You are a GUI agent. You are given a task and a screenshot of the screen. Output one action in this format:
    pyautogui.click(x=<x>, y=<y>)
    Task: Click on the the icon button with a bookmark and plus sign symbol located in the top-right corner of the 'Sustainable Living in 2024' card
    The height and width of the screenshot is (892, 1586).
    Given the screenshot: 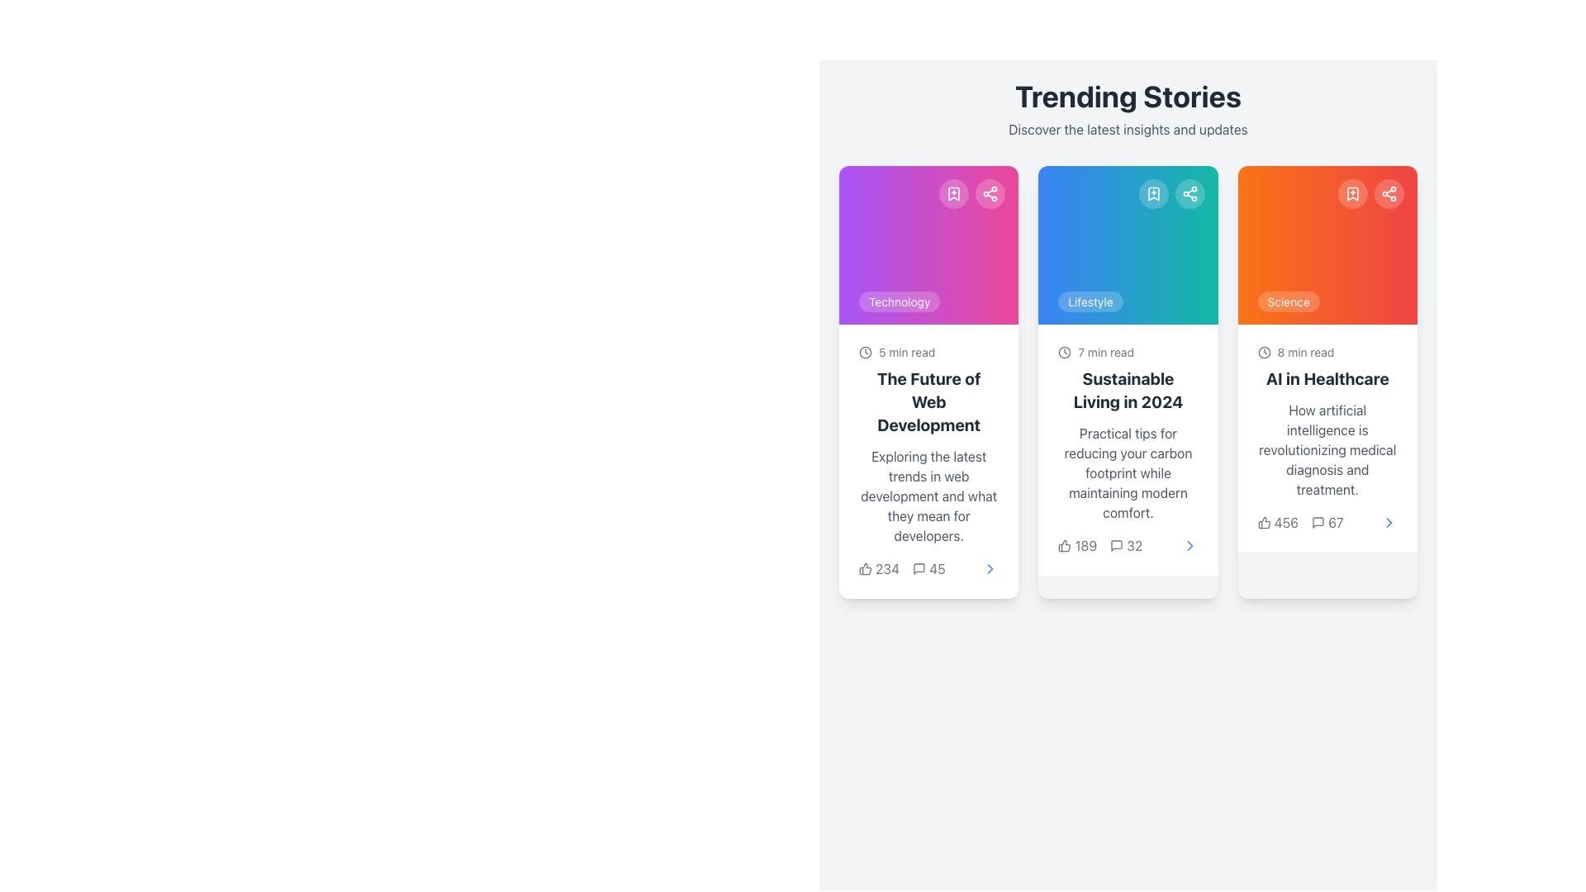 What is the action you would take?
    pyautogui.click(x=1152, y=193)
    